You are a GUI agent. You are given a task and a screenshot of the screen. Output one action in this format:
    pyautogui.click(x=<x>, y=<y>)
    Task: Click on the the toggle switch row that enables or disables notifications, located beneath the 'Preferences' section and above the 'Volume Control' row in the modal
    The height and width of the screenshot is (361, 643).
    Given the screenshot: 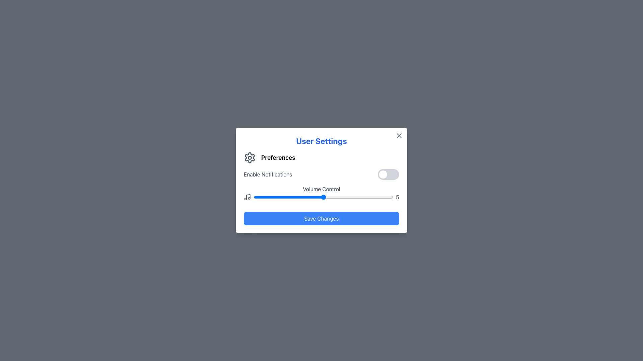 What is the action you would take?
    pyautogui.click(x=321, y=174)
    